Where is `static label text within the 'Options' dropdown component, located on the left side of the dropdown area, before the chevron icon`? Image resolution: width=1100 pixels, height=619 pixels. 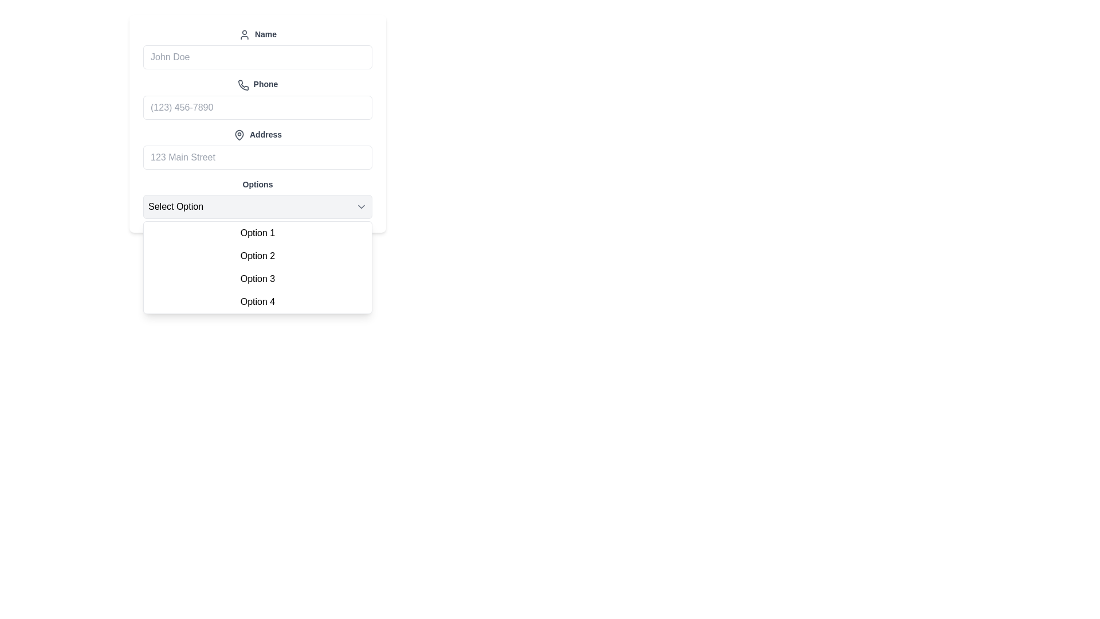 static label text within the 'Options' dropdown component, located on the left side of the dropdown area, before the chevron icon is located at coordinates (175, 206).